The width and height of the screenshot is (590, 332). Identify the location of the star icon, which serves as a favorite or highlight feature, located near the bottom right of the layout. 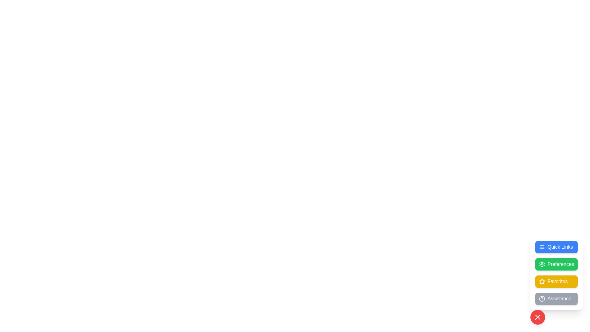
(542, 281).